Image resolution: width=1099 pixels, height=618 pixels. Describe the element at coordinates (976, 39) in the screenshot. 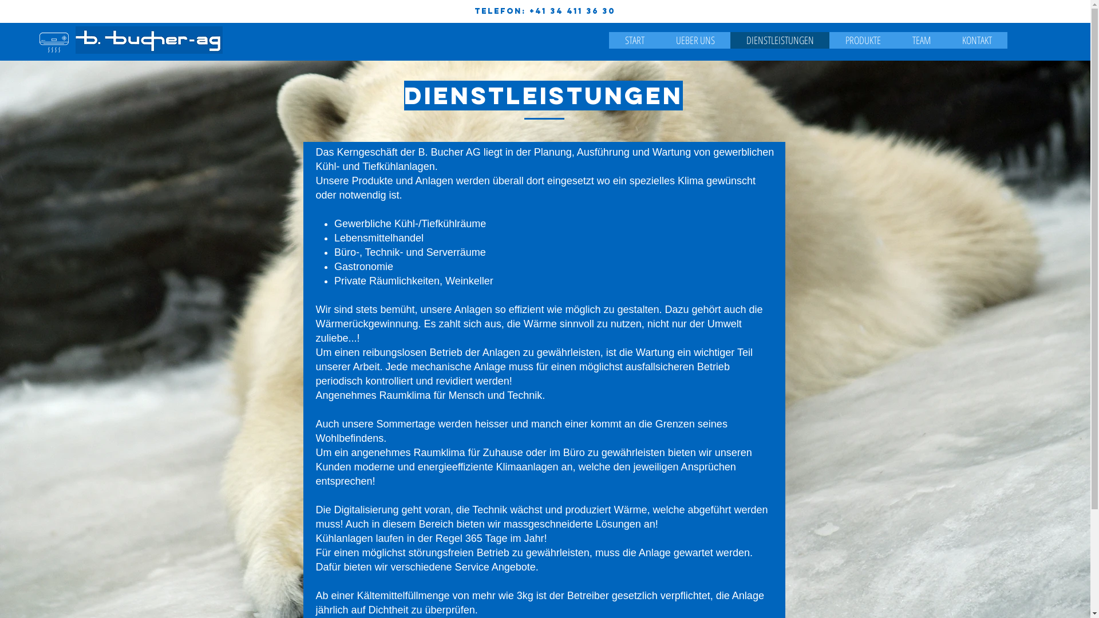

I see `'KONTAKT'` at that location.